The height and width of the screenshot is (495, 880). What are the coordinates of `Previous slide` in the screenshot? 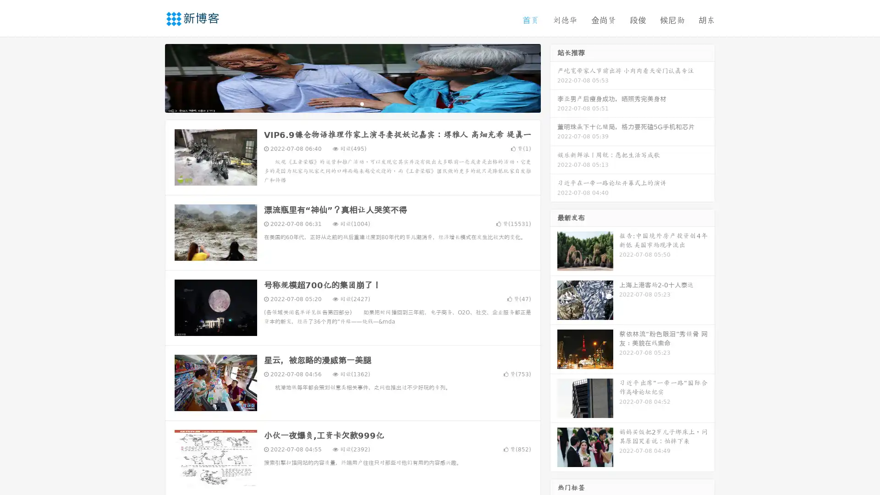 It's located at (151, 77).